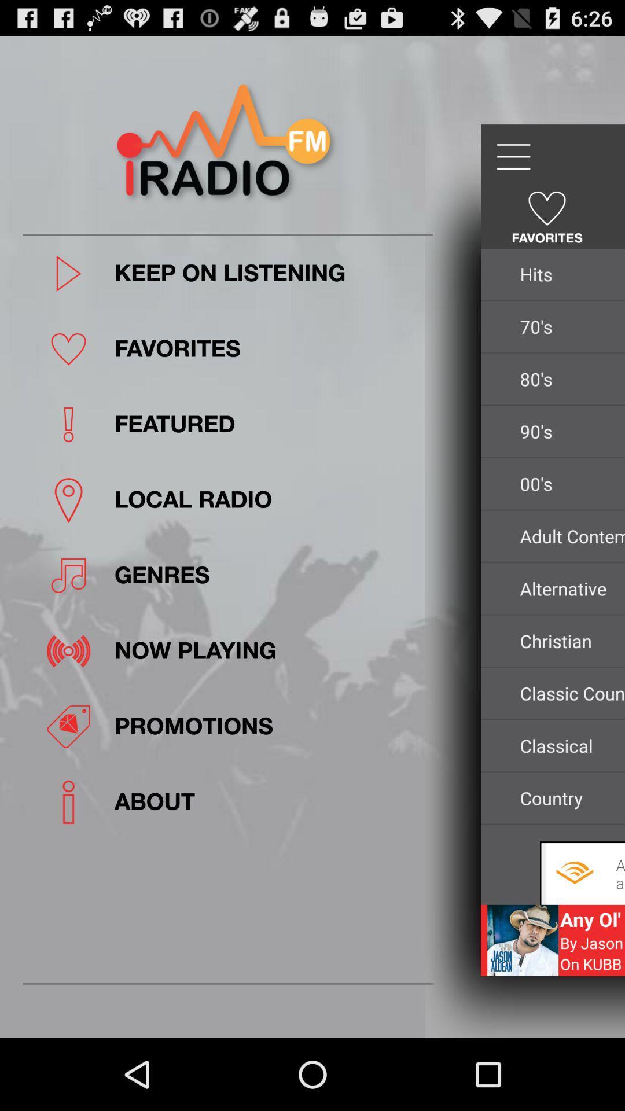 The height and width of the screenshot is (1111, 625). I want to click on icon next to local radio, so click(568, 535).